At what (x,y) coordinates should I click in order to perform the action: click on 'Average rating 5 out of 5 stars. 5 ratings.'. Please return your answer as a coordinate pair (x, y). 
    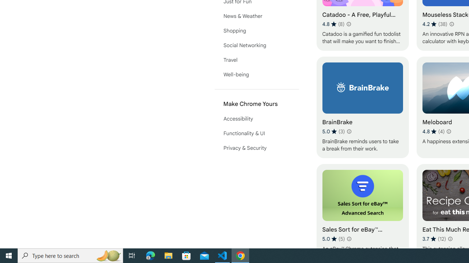
    Looking at the image, I should click on (333, 239).